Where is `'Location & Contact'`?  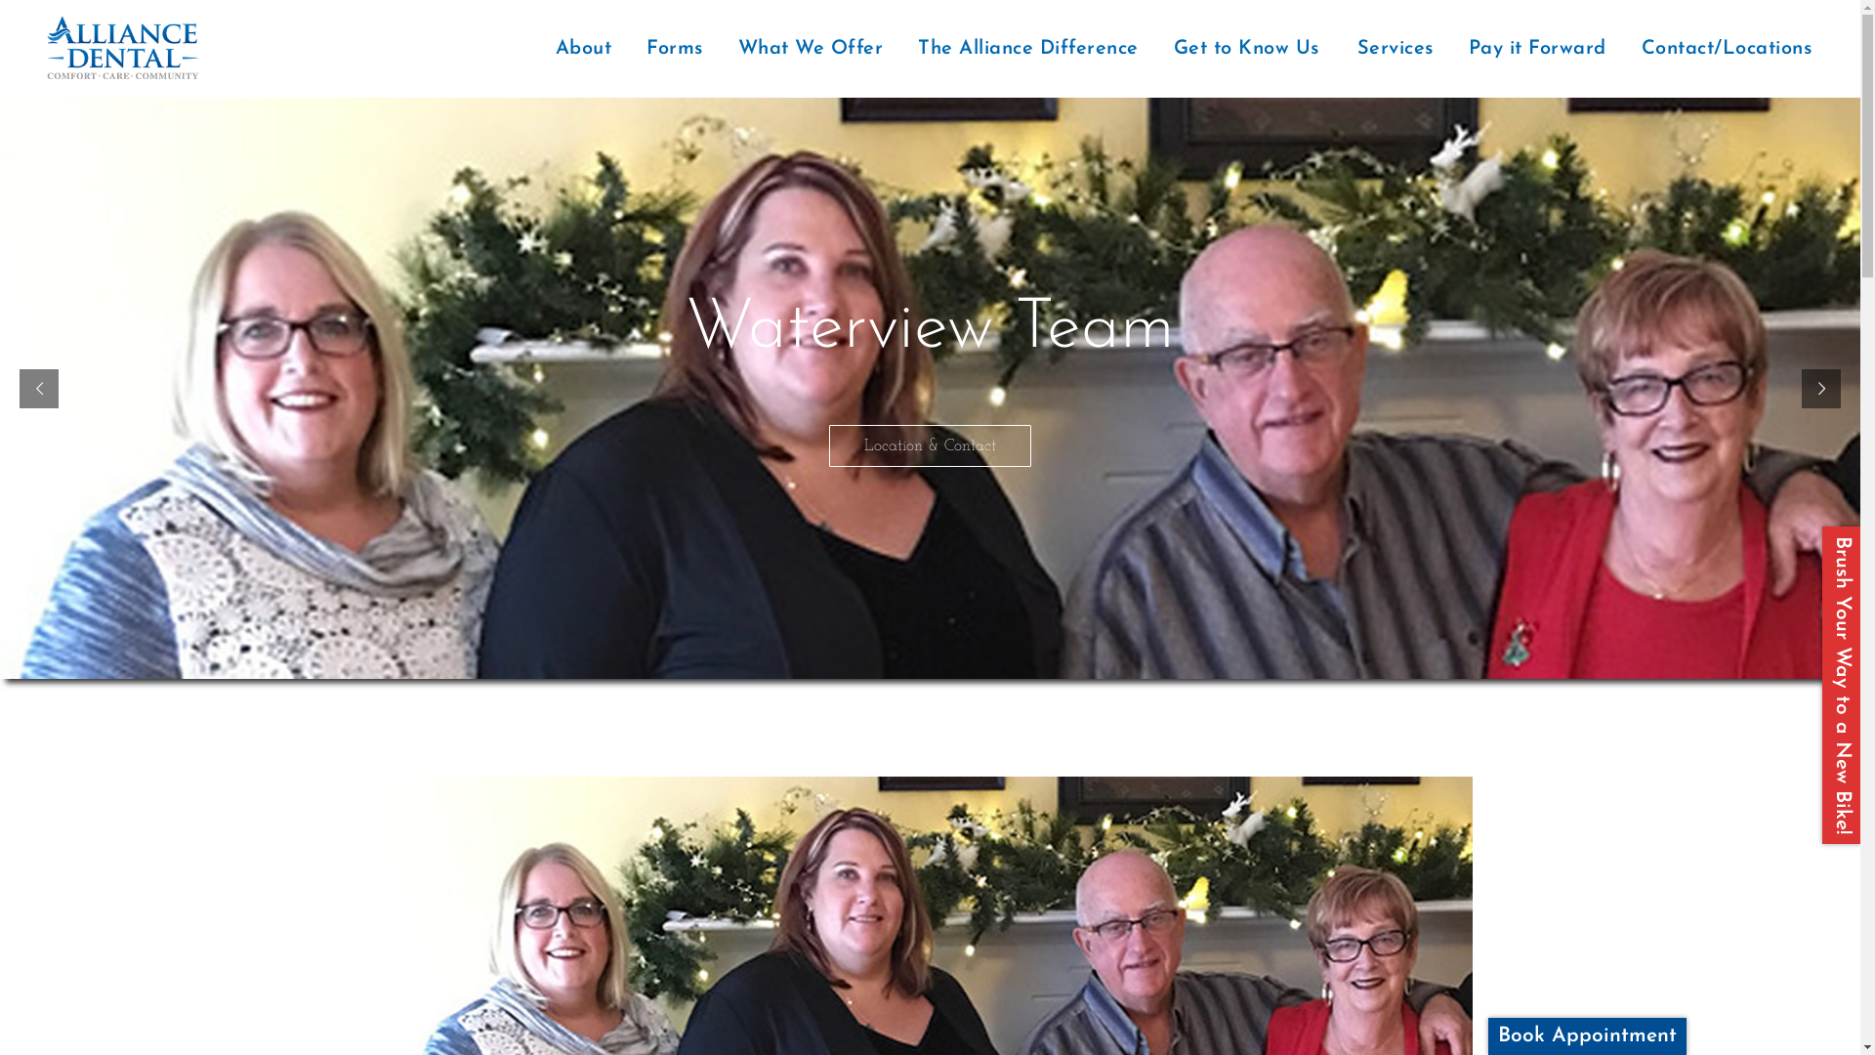
'Location & Contact' is located at coordinates (929, 445).